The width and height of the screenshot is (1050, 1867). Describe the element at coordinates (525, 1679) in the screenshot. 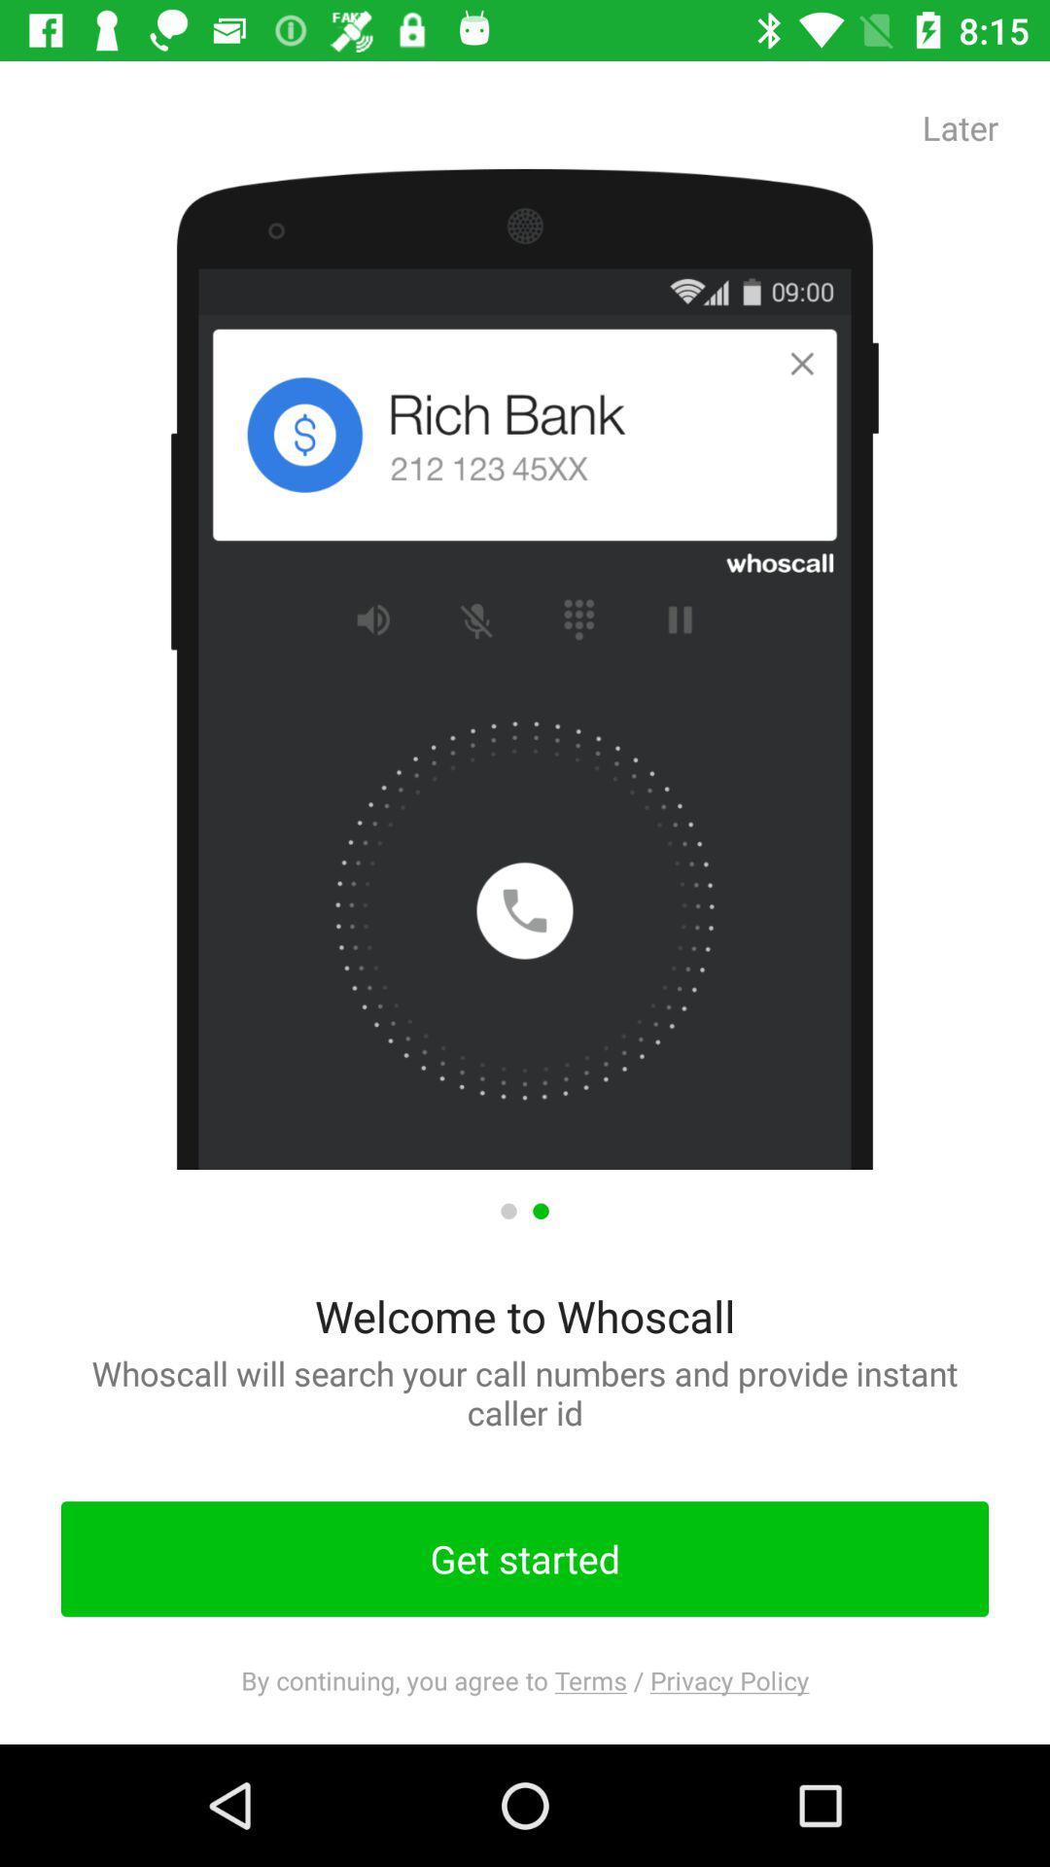

I see `the app below get started icon` at that location.